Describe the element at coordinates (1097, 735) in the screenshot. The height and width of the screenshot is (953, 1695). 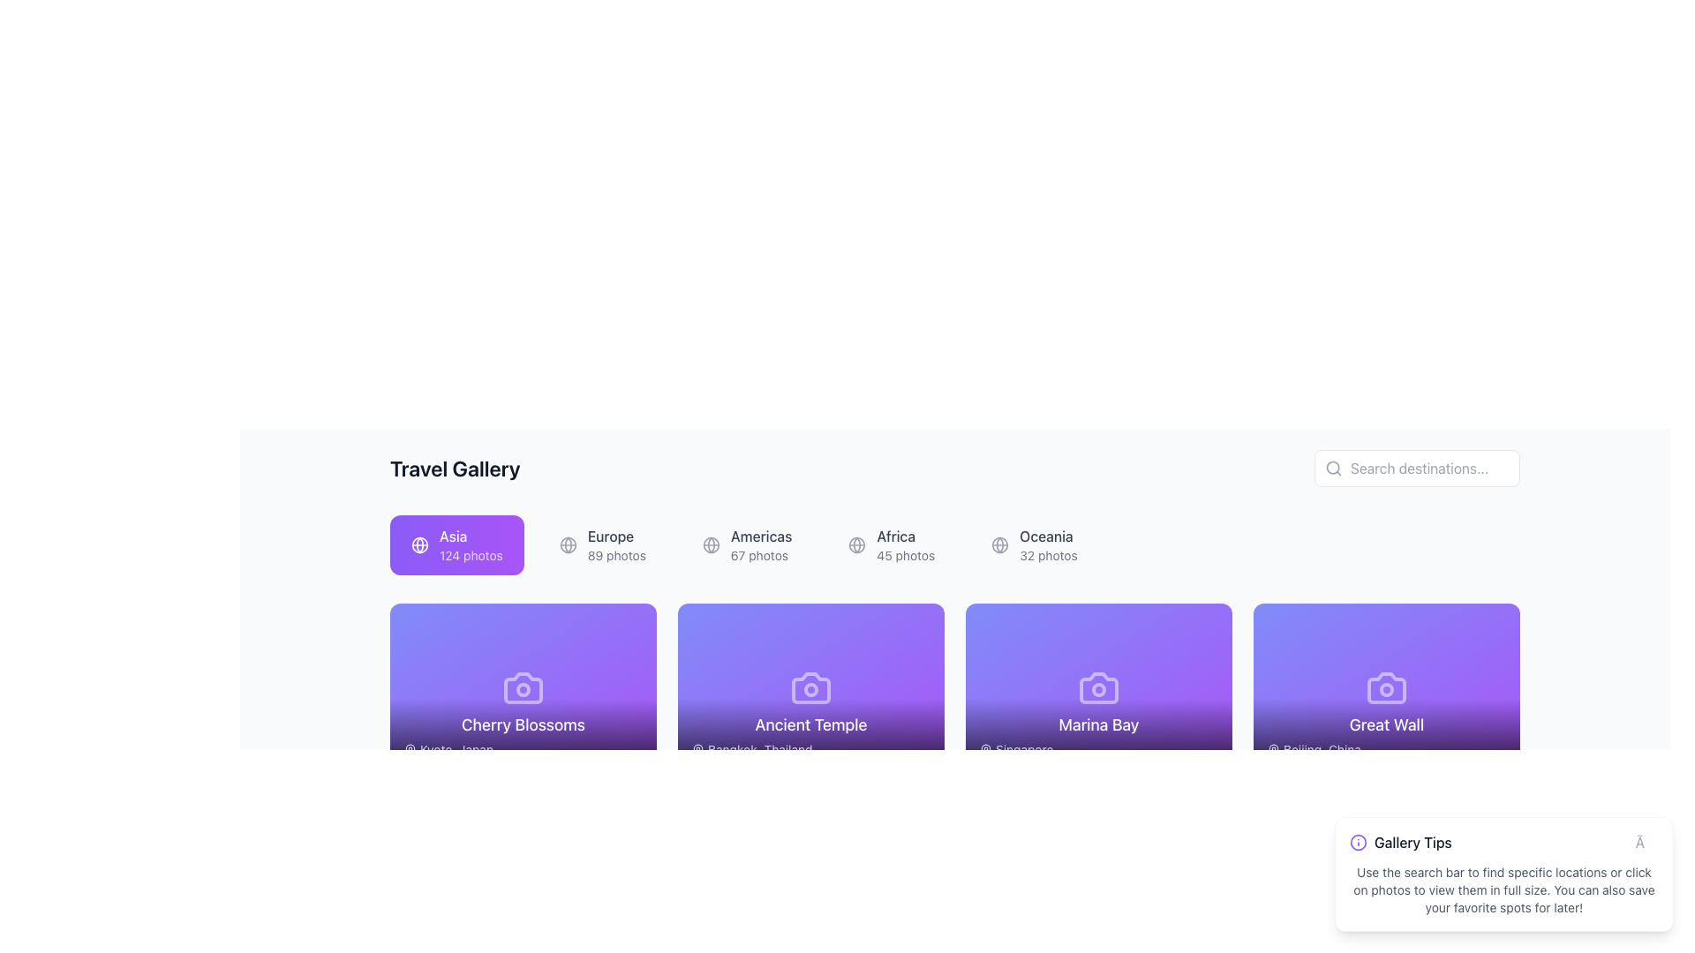
I see `text content of the Informational Overlay for 'Marina Bay' and 'Singapore', which features a black-to-transparent gradient background and includes the texts 'Marina Bay' and 'Singapore' with a pin icon` at that location.